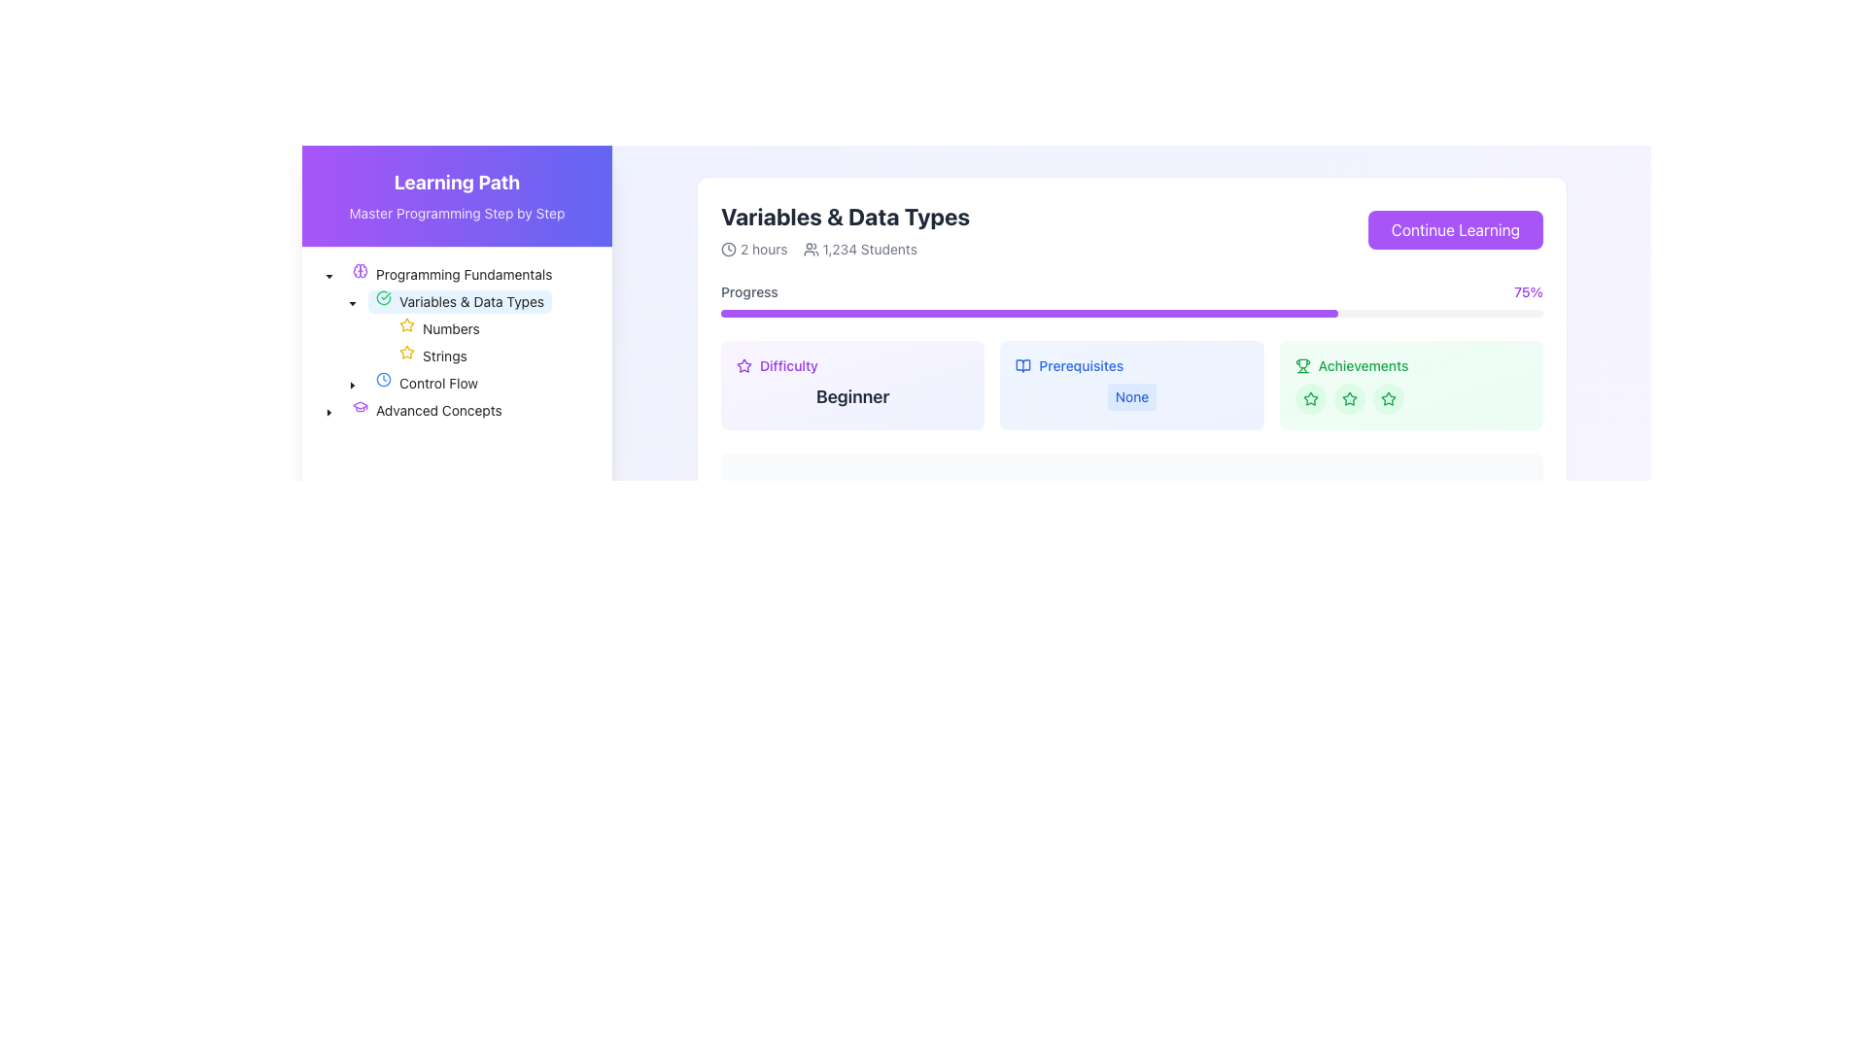 The image size is (1866, 1049). What do you see at coordinates (456, 183) in the screenshot?
I see `the bold, white heading displayed prominently over a gradient background, located at the top-left corner of the interface, above the sibling element containing 'Master Programming Step by Step.'` at bounding box center [456, 183].